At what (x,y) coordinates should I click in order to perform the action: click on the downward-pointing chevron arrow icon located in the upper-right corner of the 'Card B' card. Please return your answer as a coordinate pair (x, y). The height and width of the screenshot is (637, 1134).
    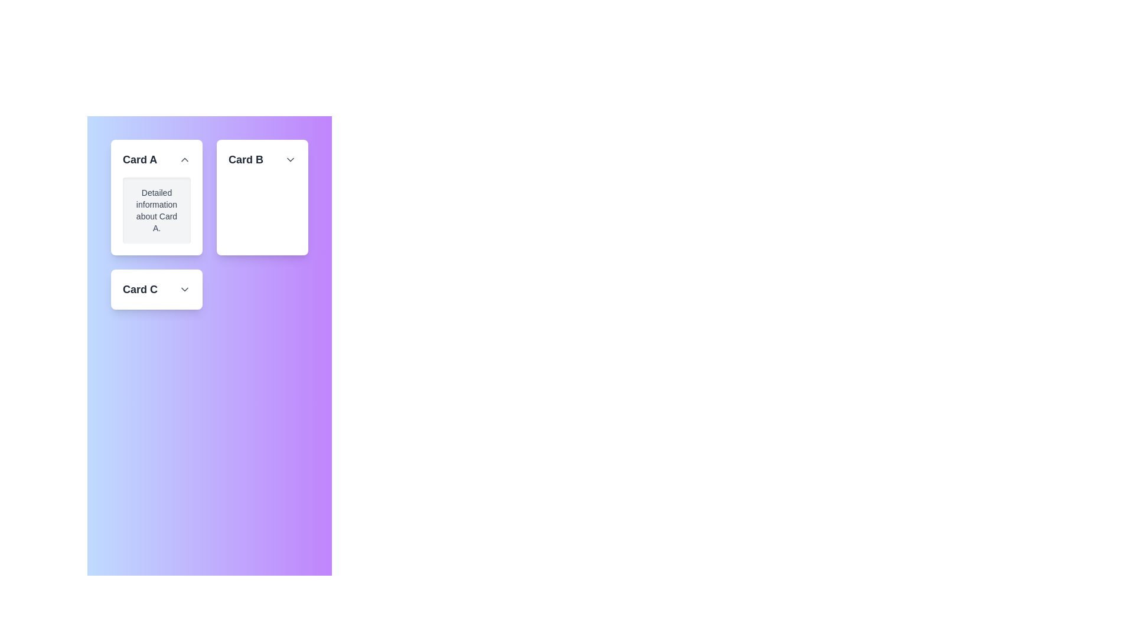
    Looking at the image, I should click on (290, 159).